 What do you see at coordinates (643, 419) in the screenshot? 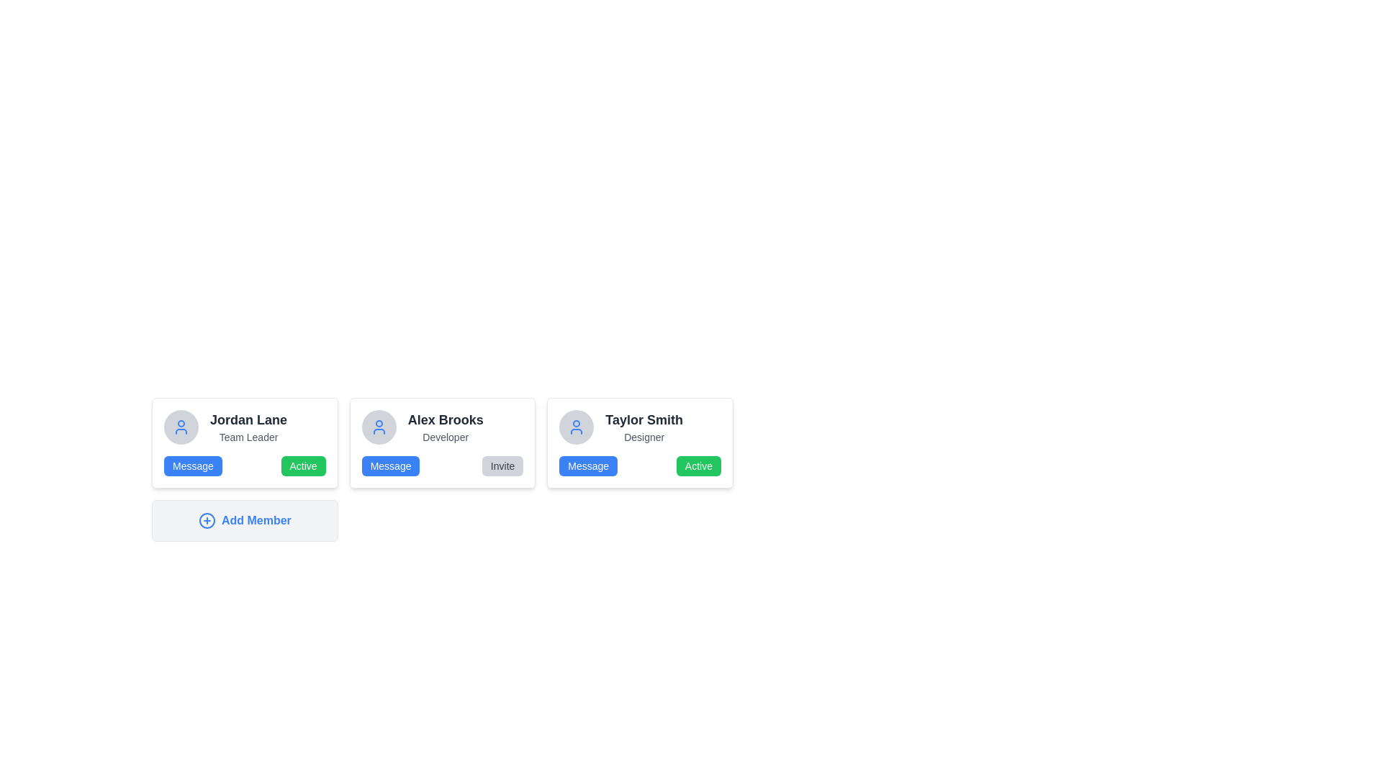
I see `the Text label displaying 'Taylor Smith', which indicates the identity of the associated user, located in the rightmost user card above the 'Designer' role text` at bounding box center [643, 419].